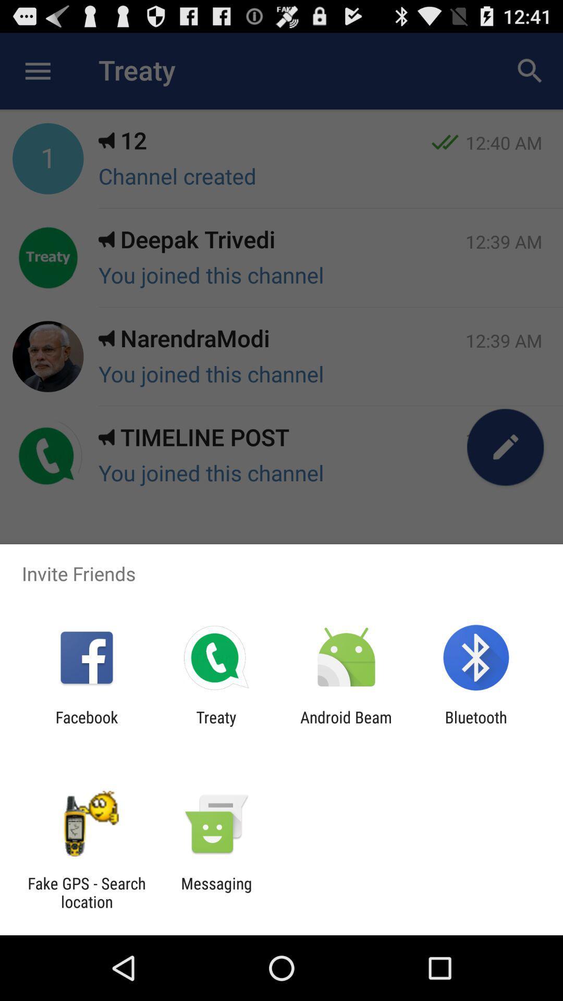 Image resolution: width=563 pixels, height=1001 pixels. Describe the element at coordinates (86, 726) in the screenshot. I see `item to the left of the treaty icon` at that location.